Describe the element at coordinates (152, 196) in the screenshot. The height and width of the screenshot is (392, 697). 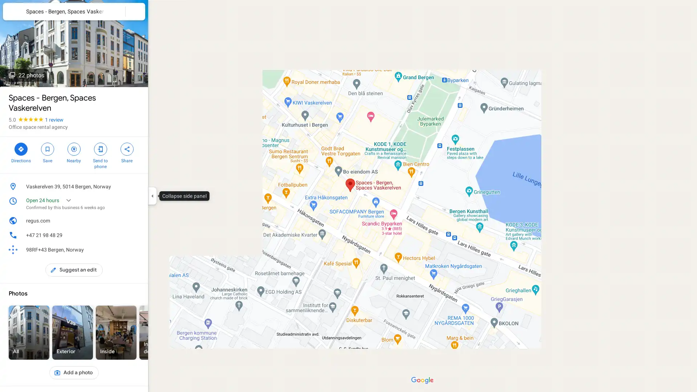
I see `Collapse side panel` at that location.